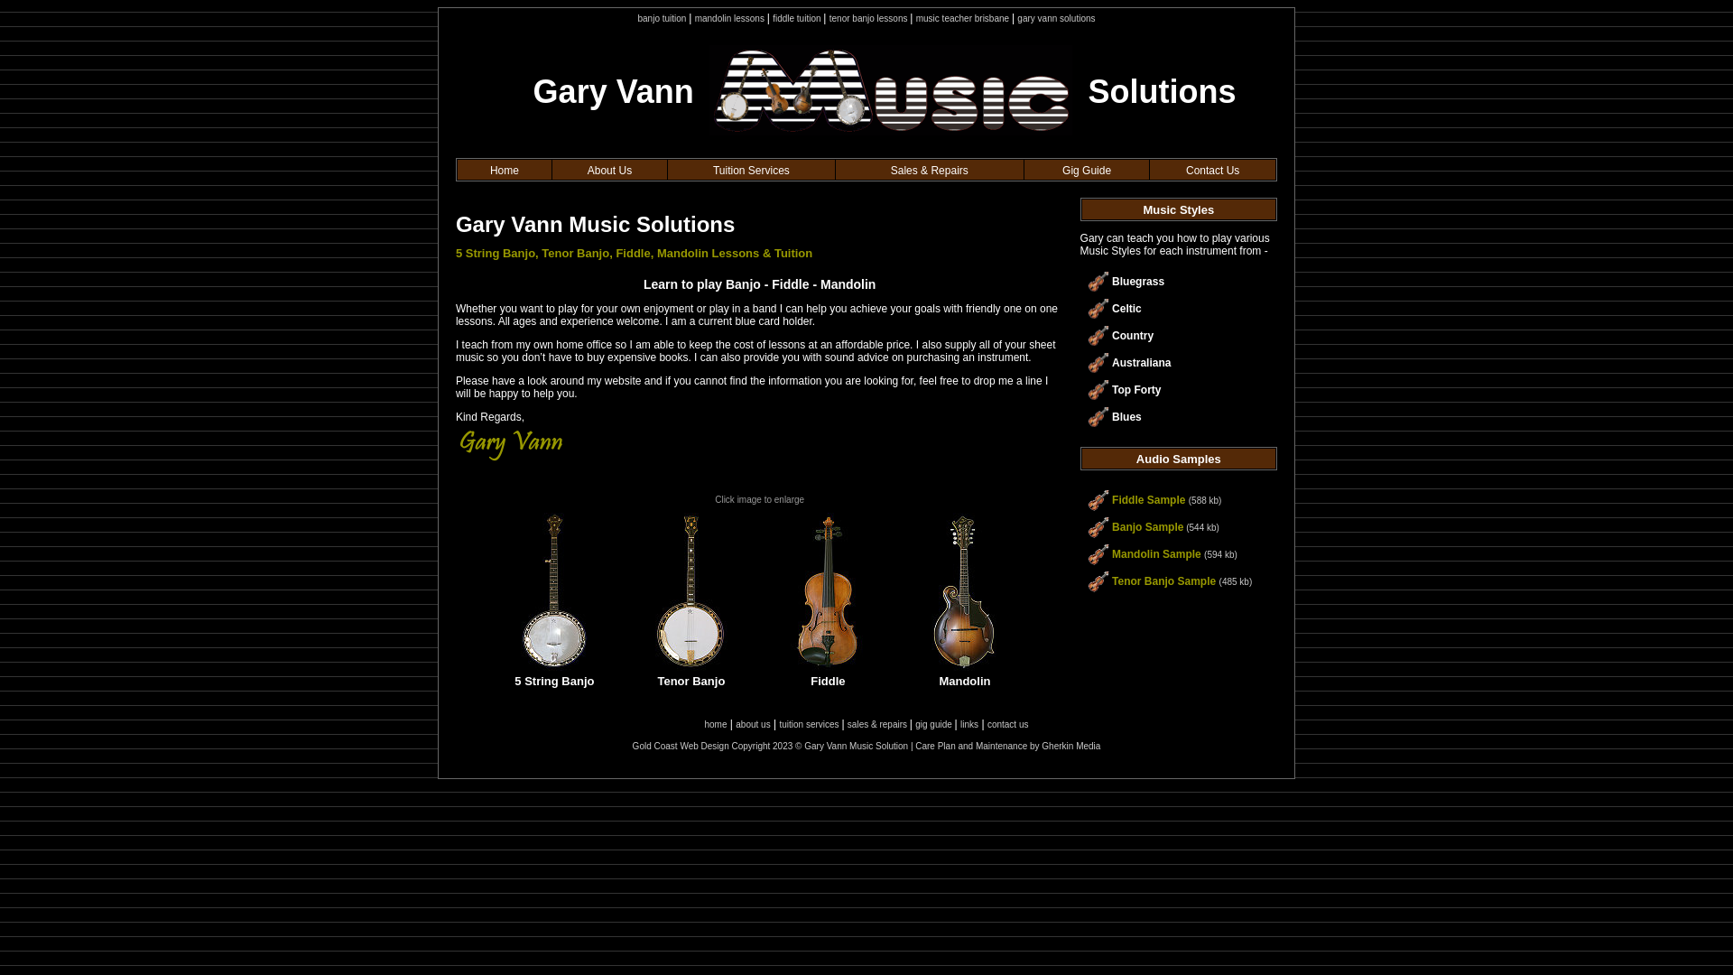 The image size is (1733, 975). I want to click on 'tenor banjo lessons', so click(870, 18).